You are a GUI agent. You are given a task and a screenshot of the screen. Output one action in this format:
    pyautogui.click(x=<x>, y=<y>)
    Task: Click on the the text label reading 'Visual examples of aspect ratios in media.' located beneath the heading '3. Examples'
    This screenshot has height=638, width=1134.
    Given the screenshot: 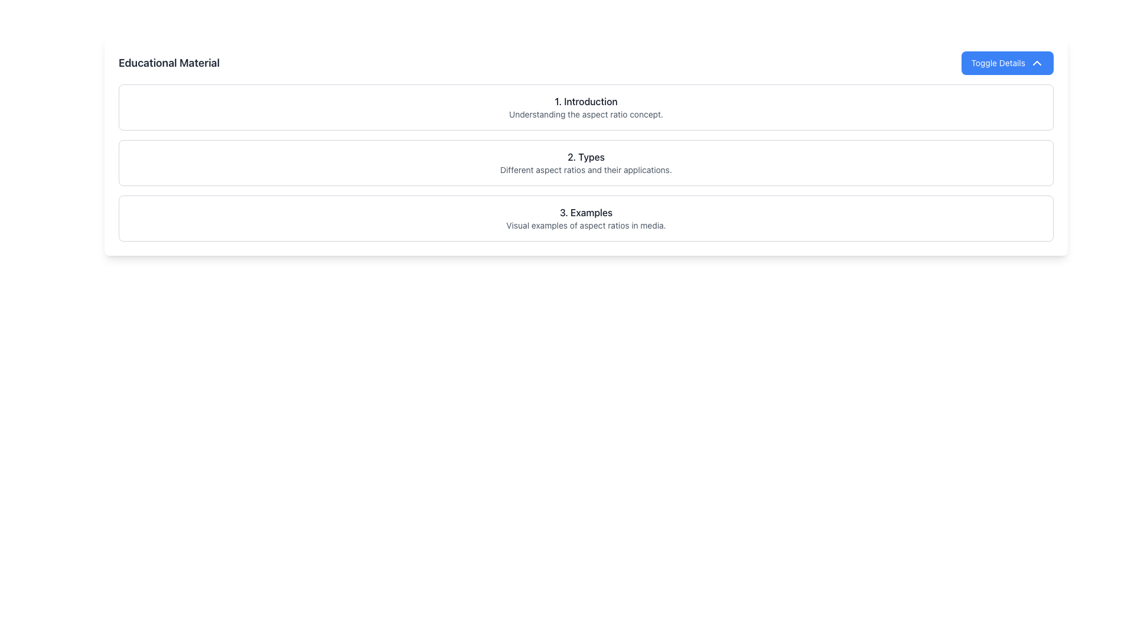 What is the action you would take?
    pyautogui.click(x=586, y=225)
    